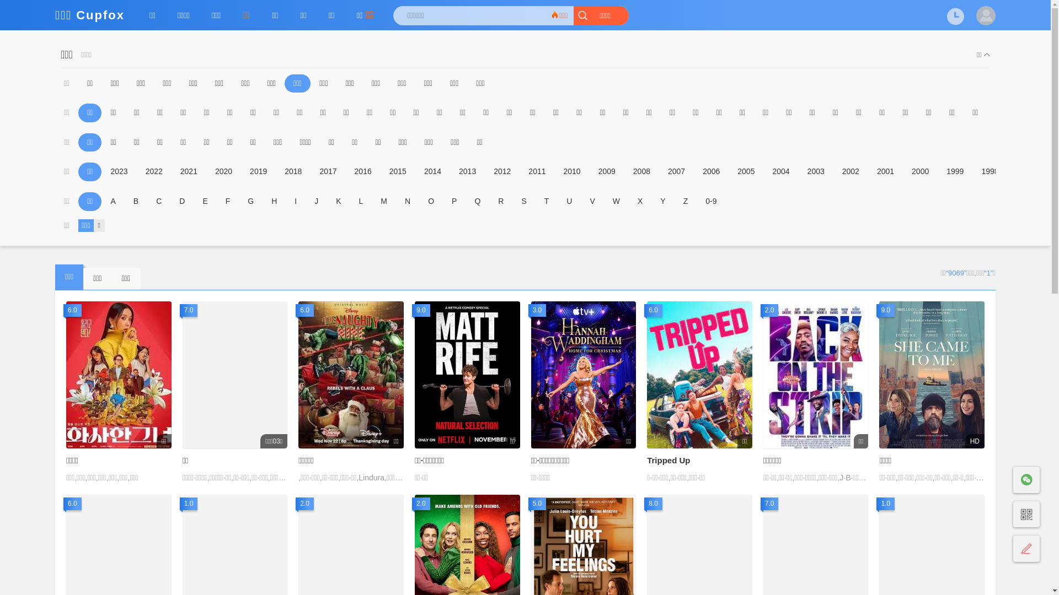 Image resolution: width=1059 pixels, height=595 pixels. I want to click on '2012', so click(484, 172).